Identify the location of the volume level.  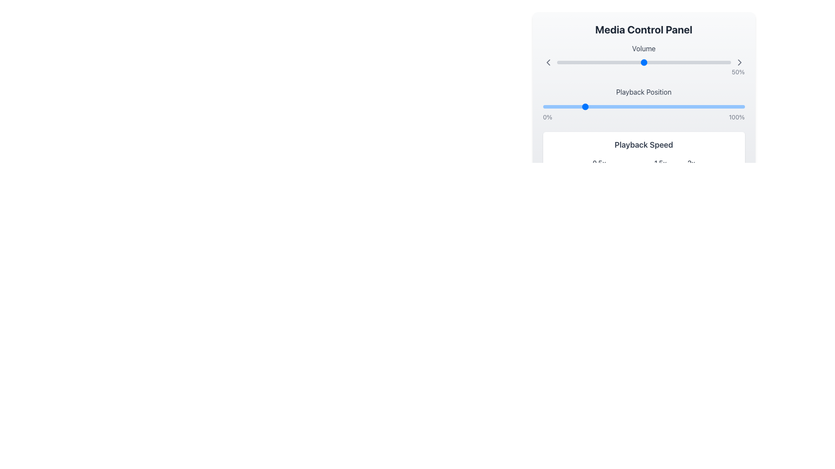
(633, 62).